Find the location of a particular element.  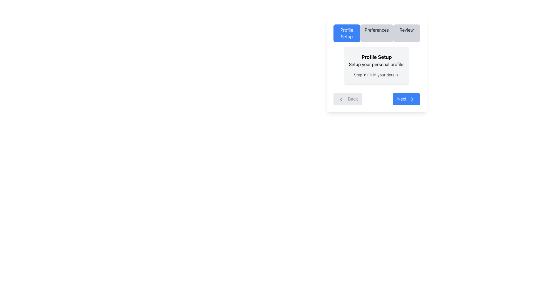

the 'Review' button, which is the third button in a sequence of three horizontally aligned buttons with a gray background and dark text is located at coordinates (407, 33).